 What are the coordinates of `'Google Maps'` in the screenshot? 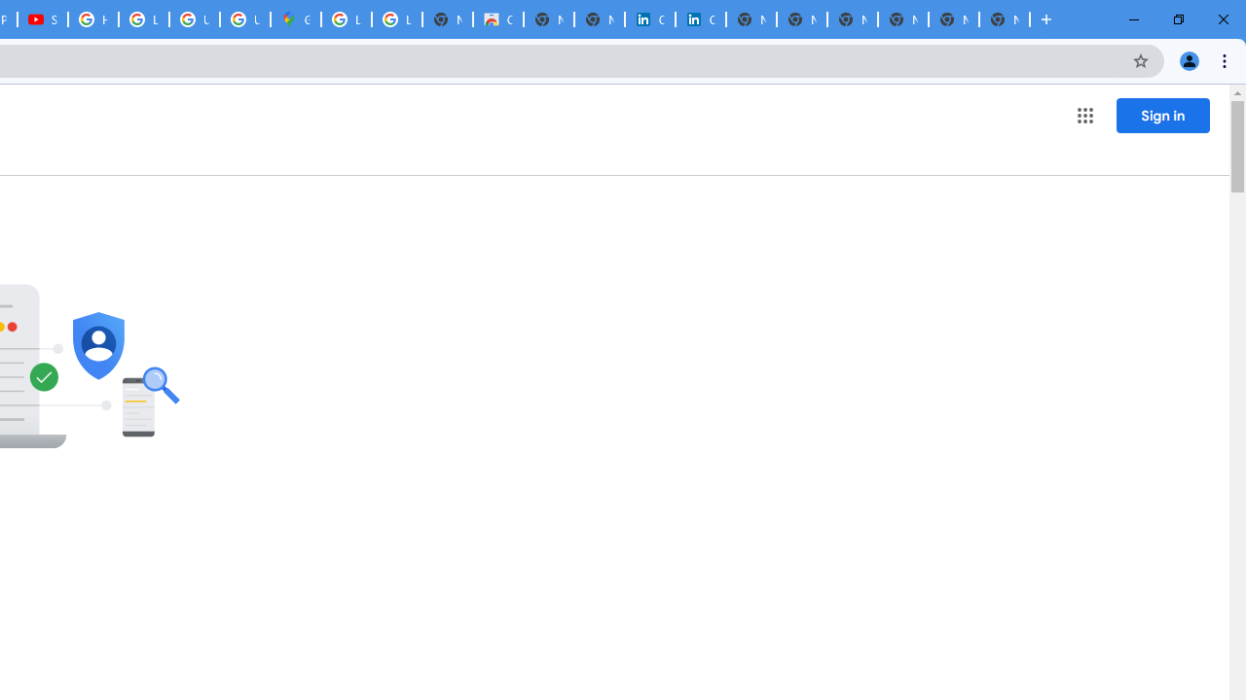 It's located at (295, 19).